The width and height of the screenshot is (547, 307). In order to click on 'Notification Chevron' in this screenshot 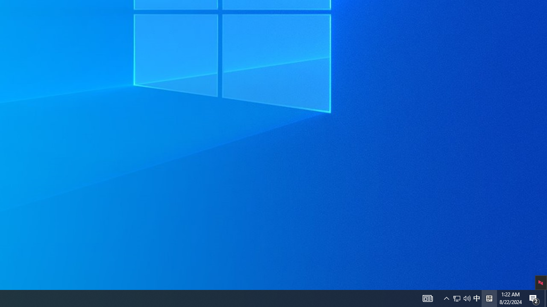, I will do `click(467, 298)`.